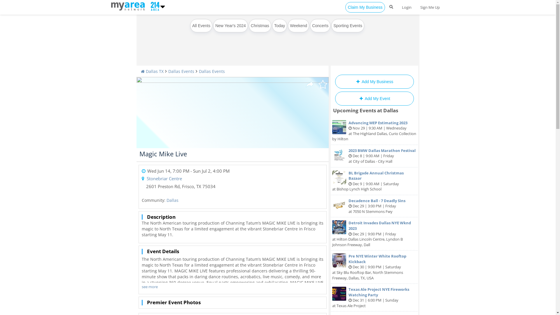 This screenshot has width=560, height=315. Describe the element at coordinates (199, 71) in the screenshot. I see `'Dallas Events'` at that location.